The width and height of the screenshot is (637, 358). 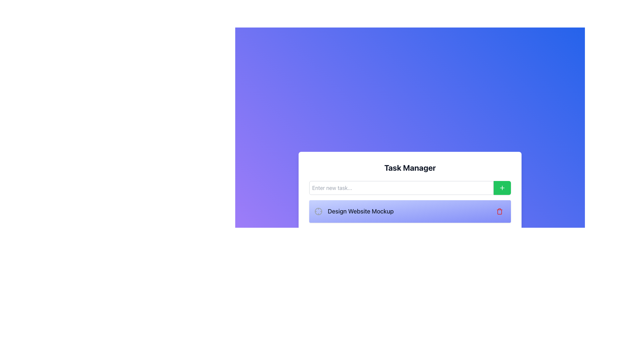 I want to click on the green plus SVG icon located within the rectangular button to trigger a focus or highlight effect on the button, so click(x=502, y=188).